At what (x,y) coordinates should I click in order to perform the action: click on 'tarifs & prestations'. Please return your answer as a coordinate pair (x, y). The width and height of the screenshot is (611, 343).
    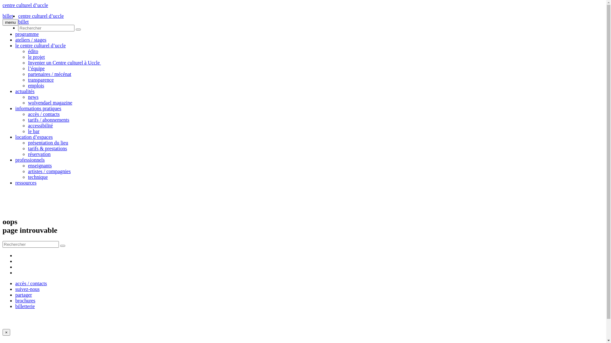
    Looking at the image, I should click on (47, 148).